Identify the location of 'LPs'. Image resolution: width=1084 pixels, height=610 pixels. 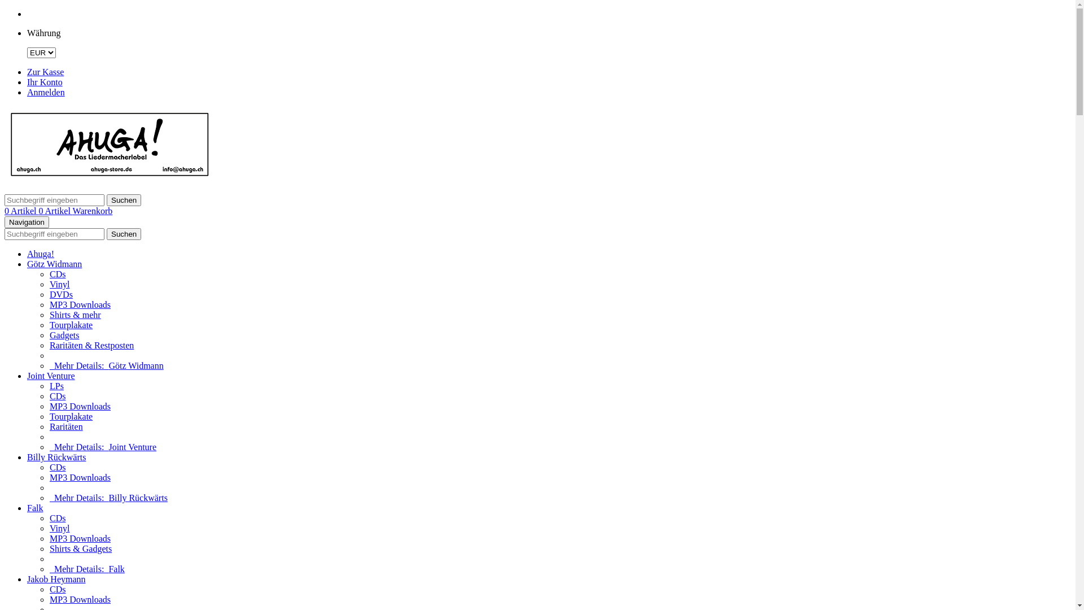
(49, 385).